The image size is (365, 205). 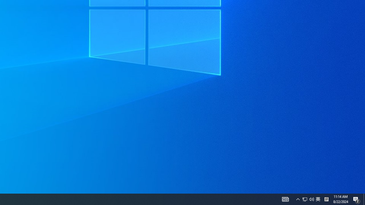 What do you see at coordinates (298, 199) in the screenshot?
I see `'Notification Chevron'` at bounding box center [298, 199].